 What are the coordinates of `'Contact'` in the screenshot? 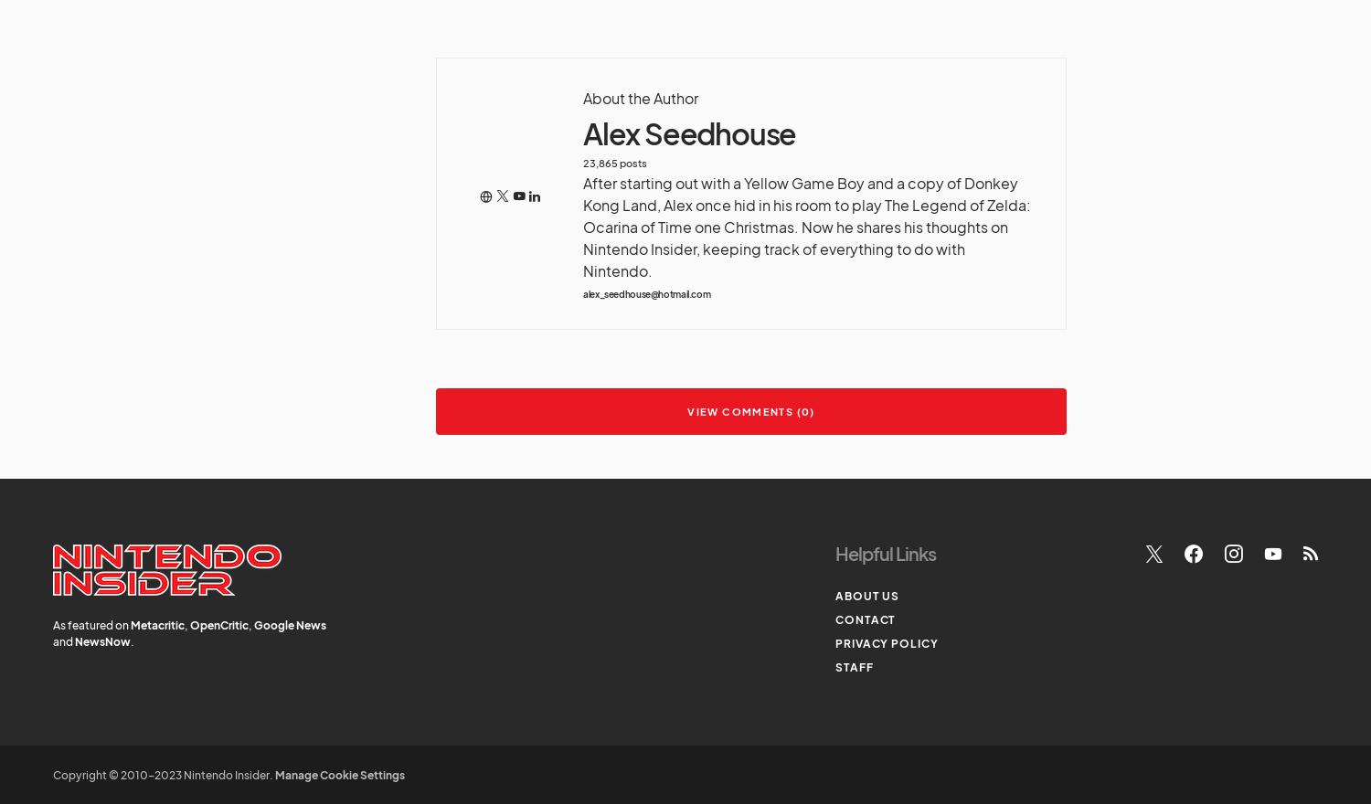 It's located at (864, 619).